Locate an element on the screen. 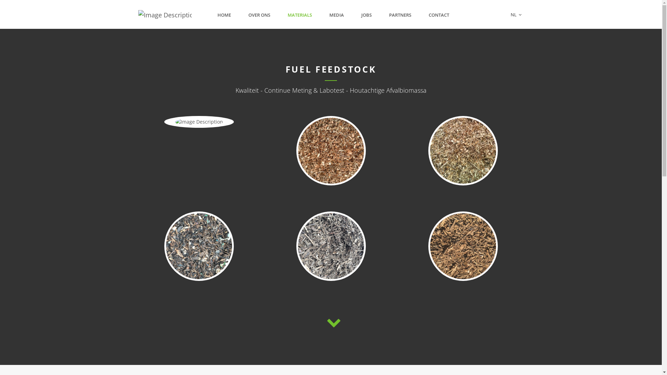  'OVER ONS' is located at coordinates (259, 15).